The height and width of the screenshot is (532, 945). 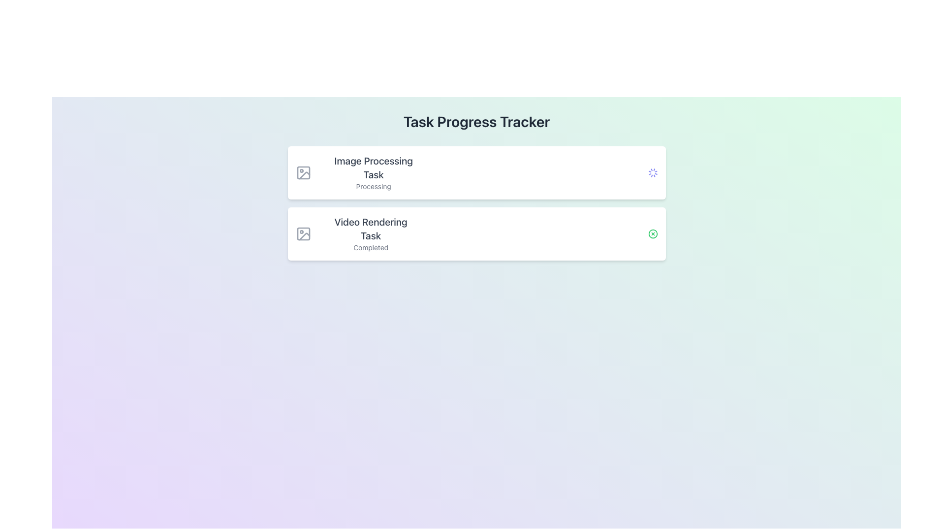 I want to click on text header labeled 'Task Progress Tracker' which is displayed in a bold, large font at the top center of the interface, so click(x=476, y=121).